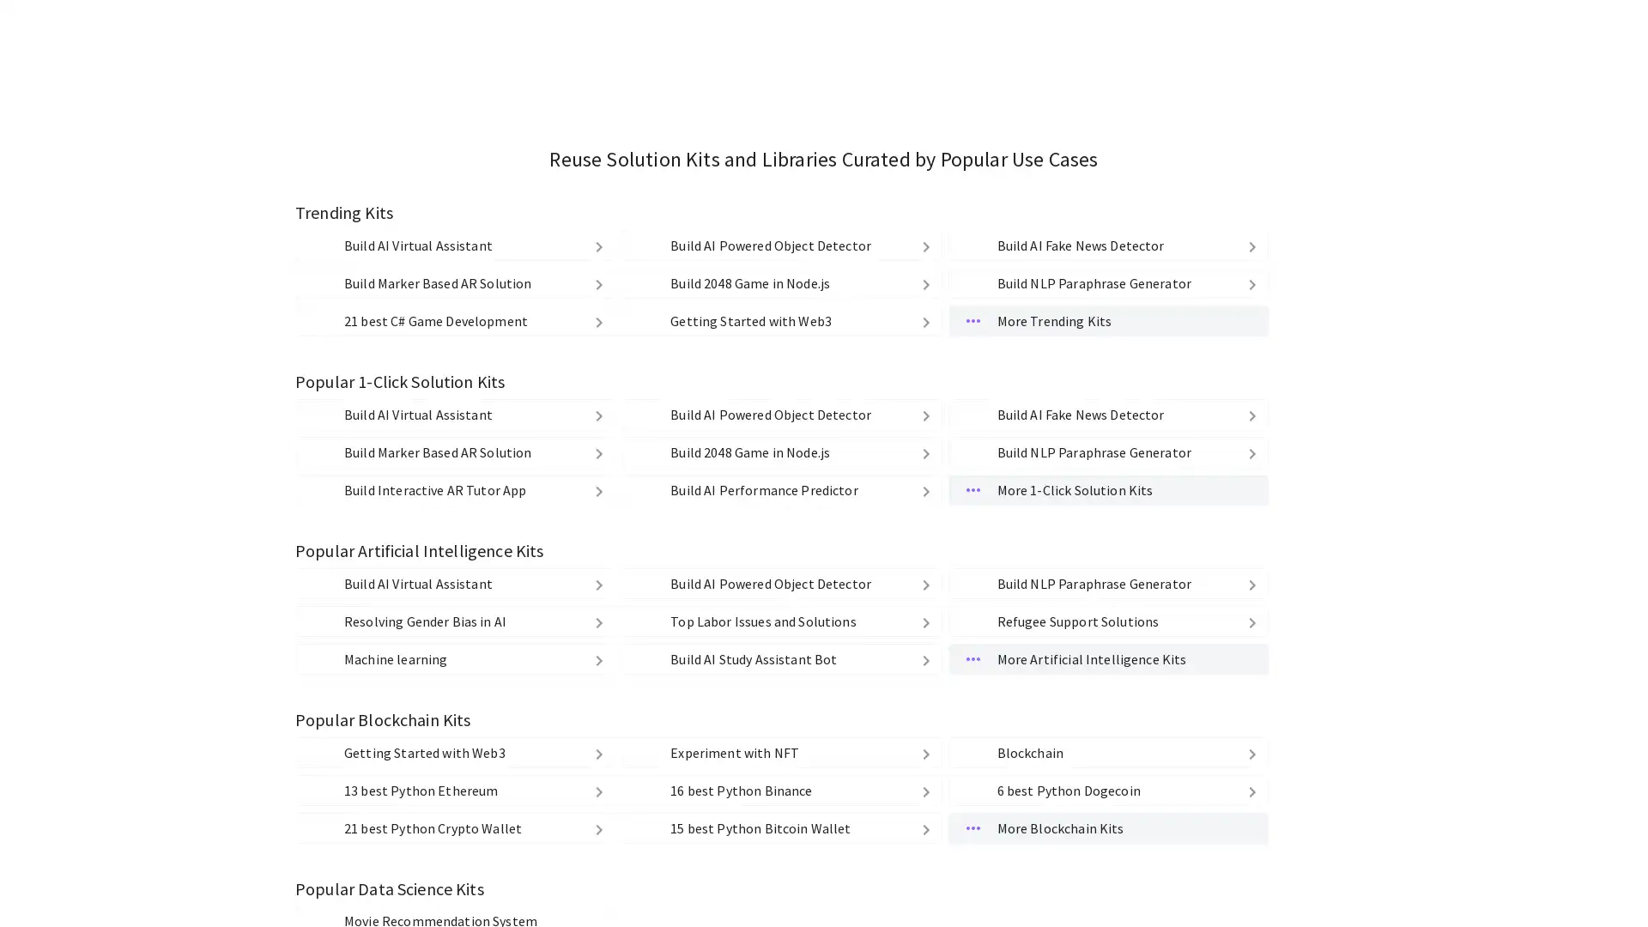  I want to click on delete, so click(1251, 846).